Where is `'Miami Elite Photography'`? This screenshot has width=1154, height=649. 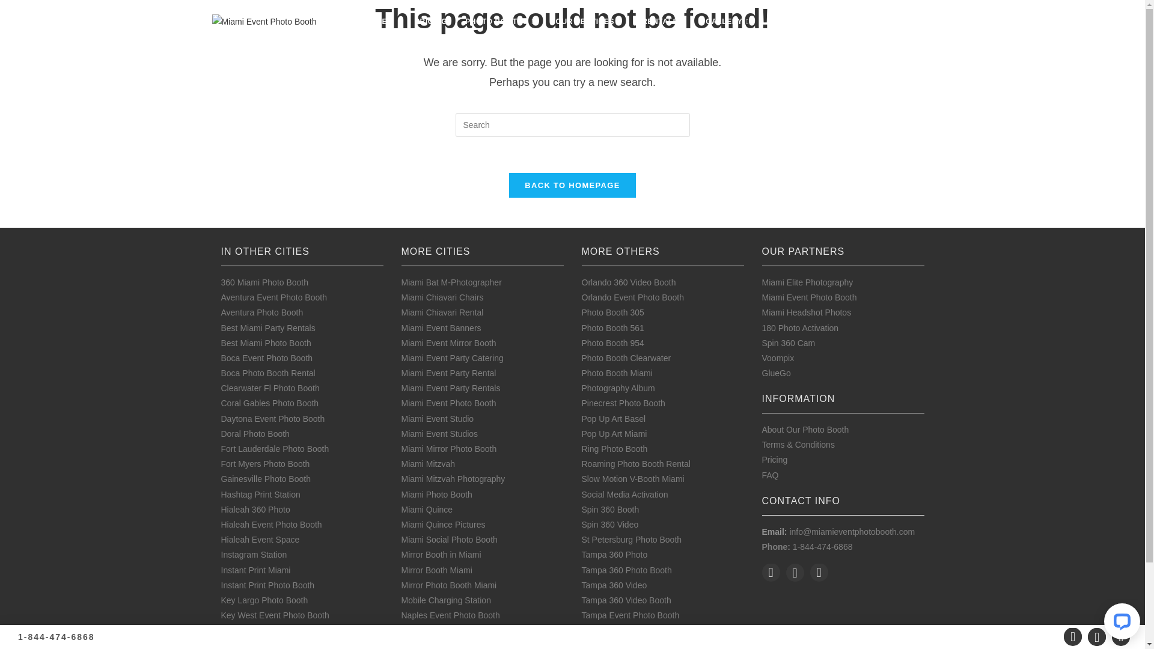
'Miami Elite Photography' is located at coordinates (808, 282).